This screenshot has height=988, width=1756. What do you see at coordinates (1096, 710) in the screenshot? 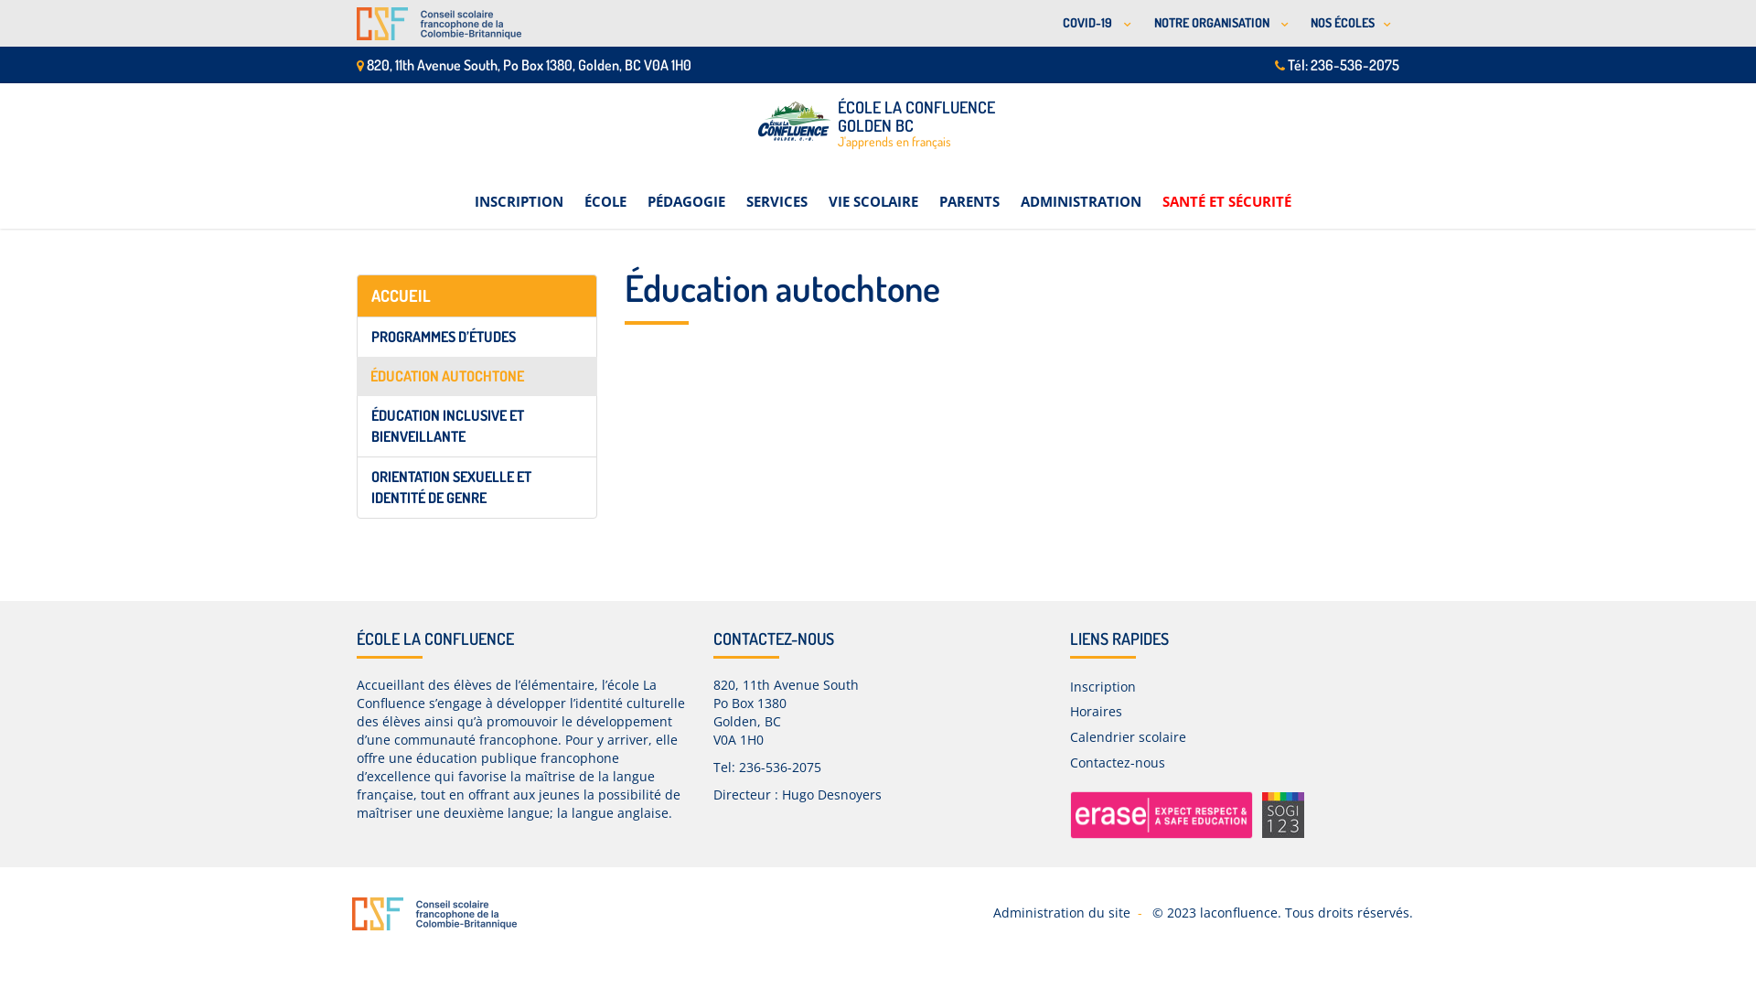
I see `'Horaires'` at bounding box center [1096, 710].